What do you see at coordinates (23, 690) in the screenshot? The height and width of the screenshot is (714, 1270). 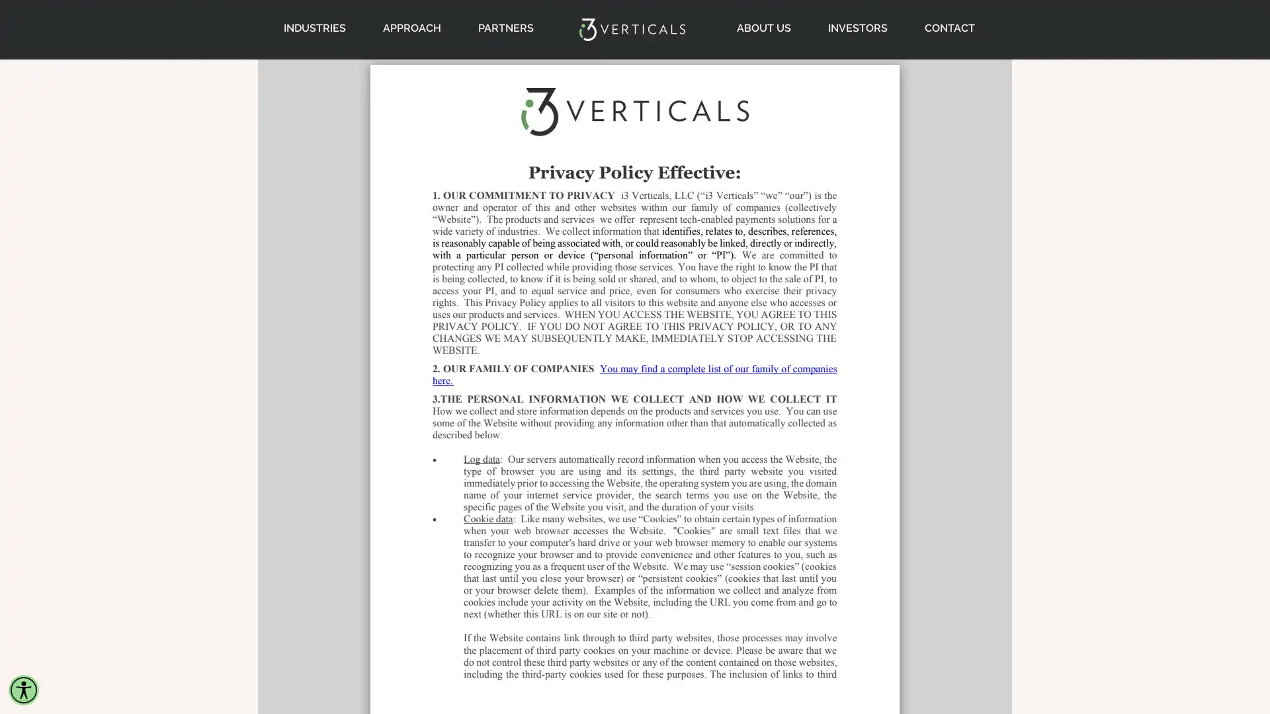 I see `Accessibility Menu` at bounding box center [23, 690].